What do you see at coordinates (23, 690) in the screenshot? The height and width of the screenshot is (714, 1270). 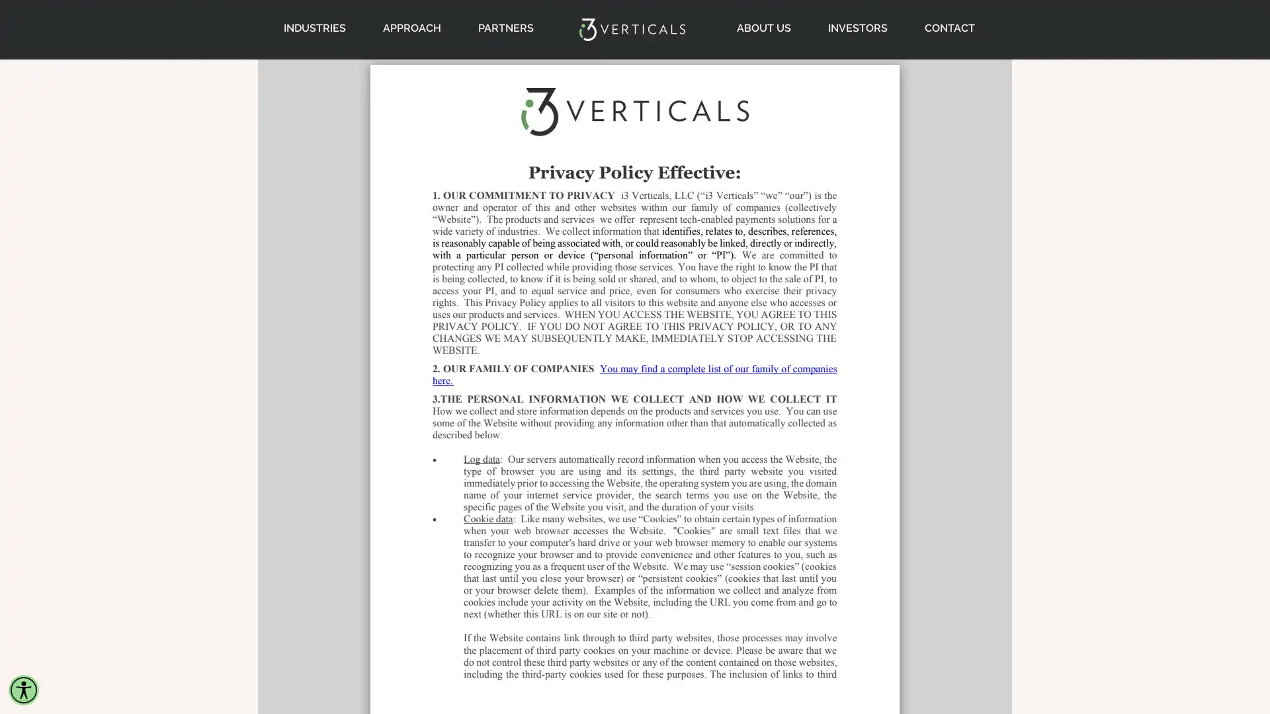 I see `Accessibility Menu` at bounding box center [23, 690].